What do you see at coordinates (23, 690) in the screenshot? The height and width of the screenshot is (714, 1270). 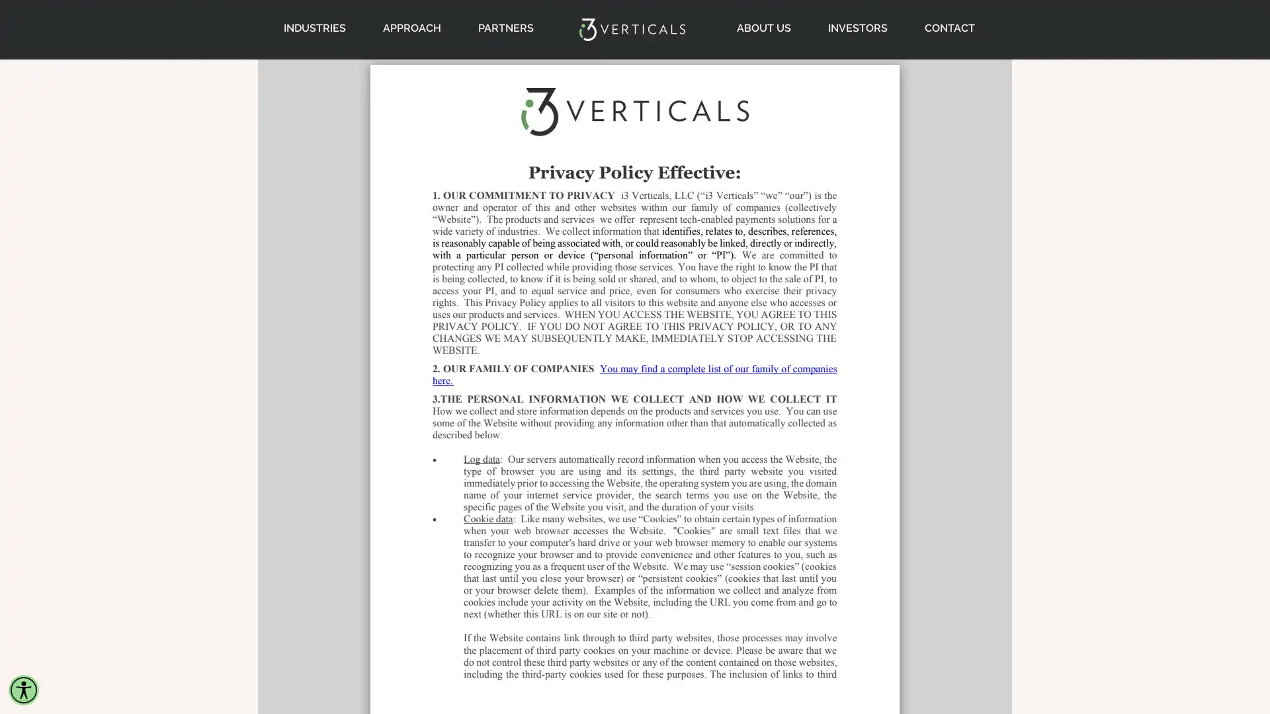 I see `Accessibility Menu` at bounding box center [23, 690].